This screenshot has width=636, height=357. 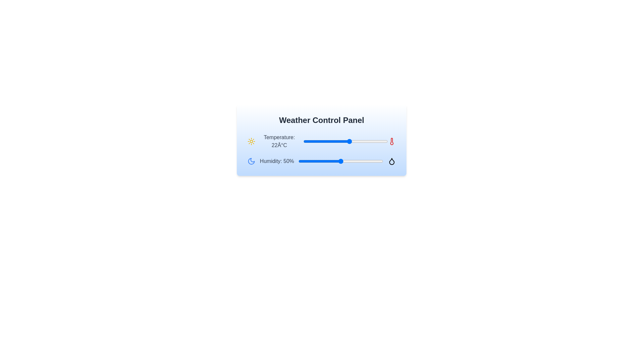 What do you see at coordinates (373, 141) in the screenshot?
I see `the temperature slider to set the temperature to 33°C` at bounding box center [373, 141].